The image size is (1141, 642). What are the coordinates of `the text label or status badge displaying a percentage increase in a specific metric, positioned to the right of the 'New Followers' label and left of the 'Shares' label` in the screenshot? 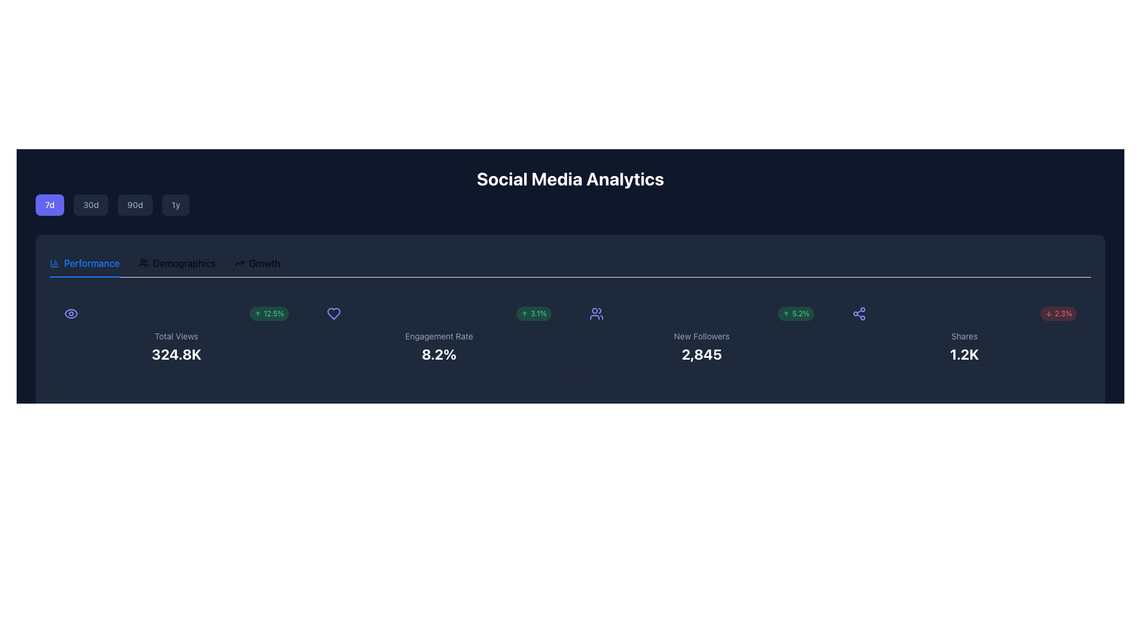 It's located at (796, 313).